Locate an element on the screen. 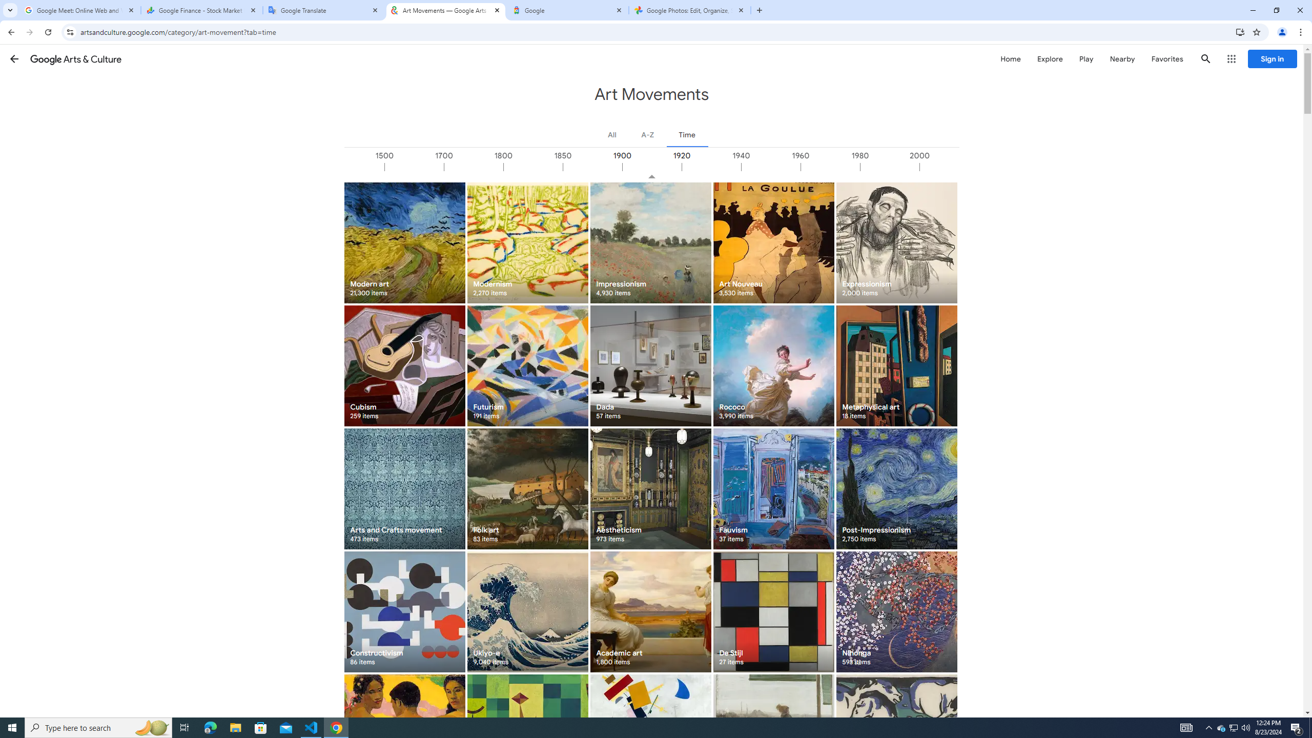 This screenshot has height=738, width=1312. '1980' is located at coordinates (889, 167).